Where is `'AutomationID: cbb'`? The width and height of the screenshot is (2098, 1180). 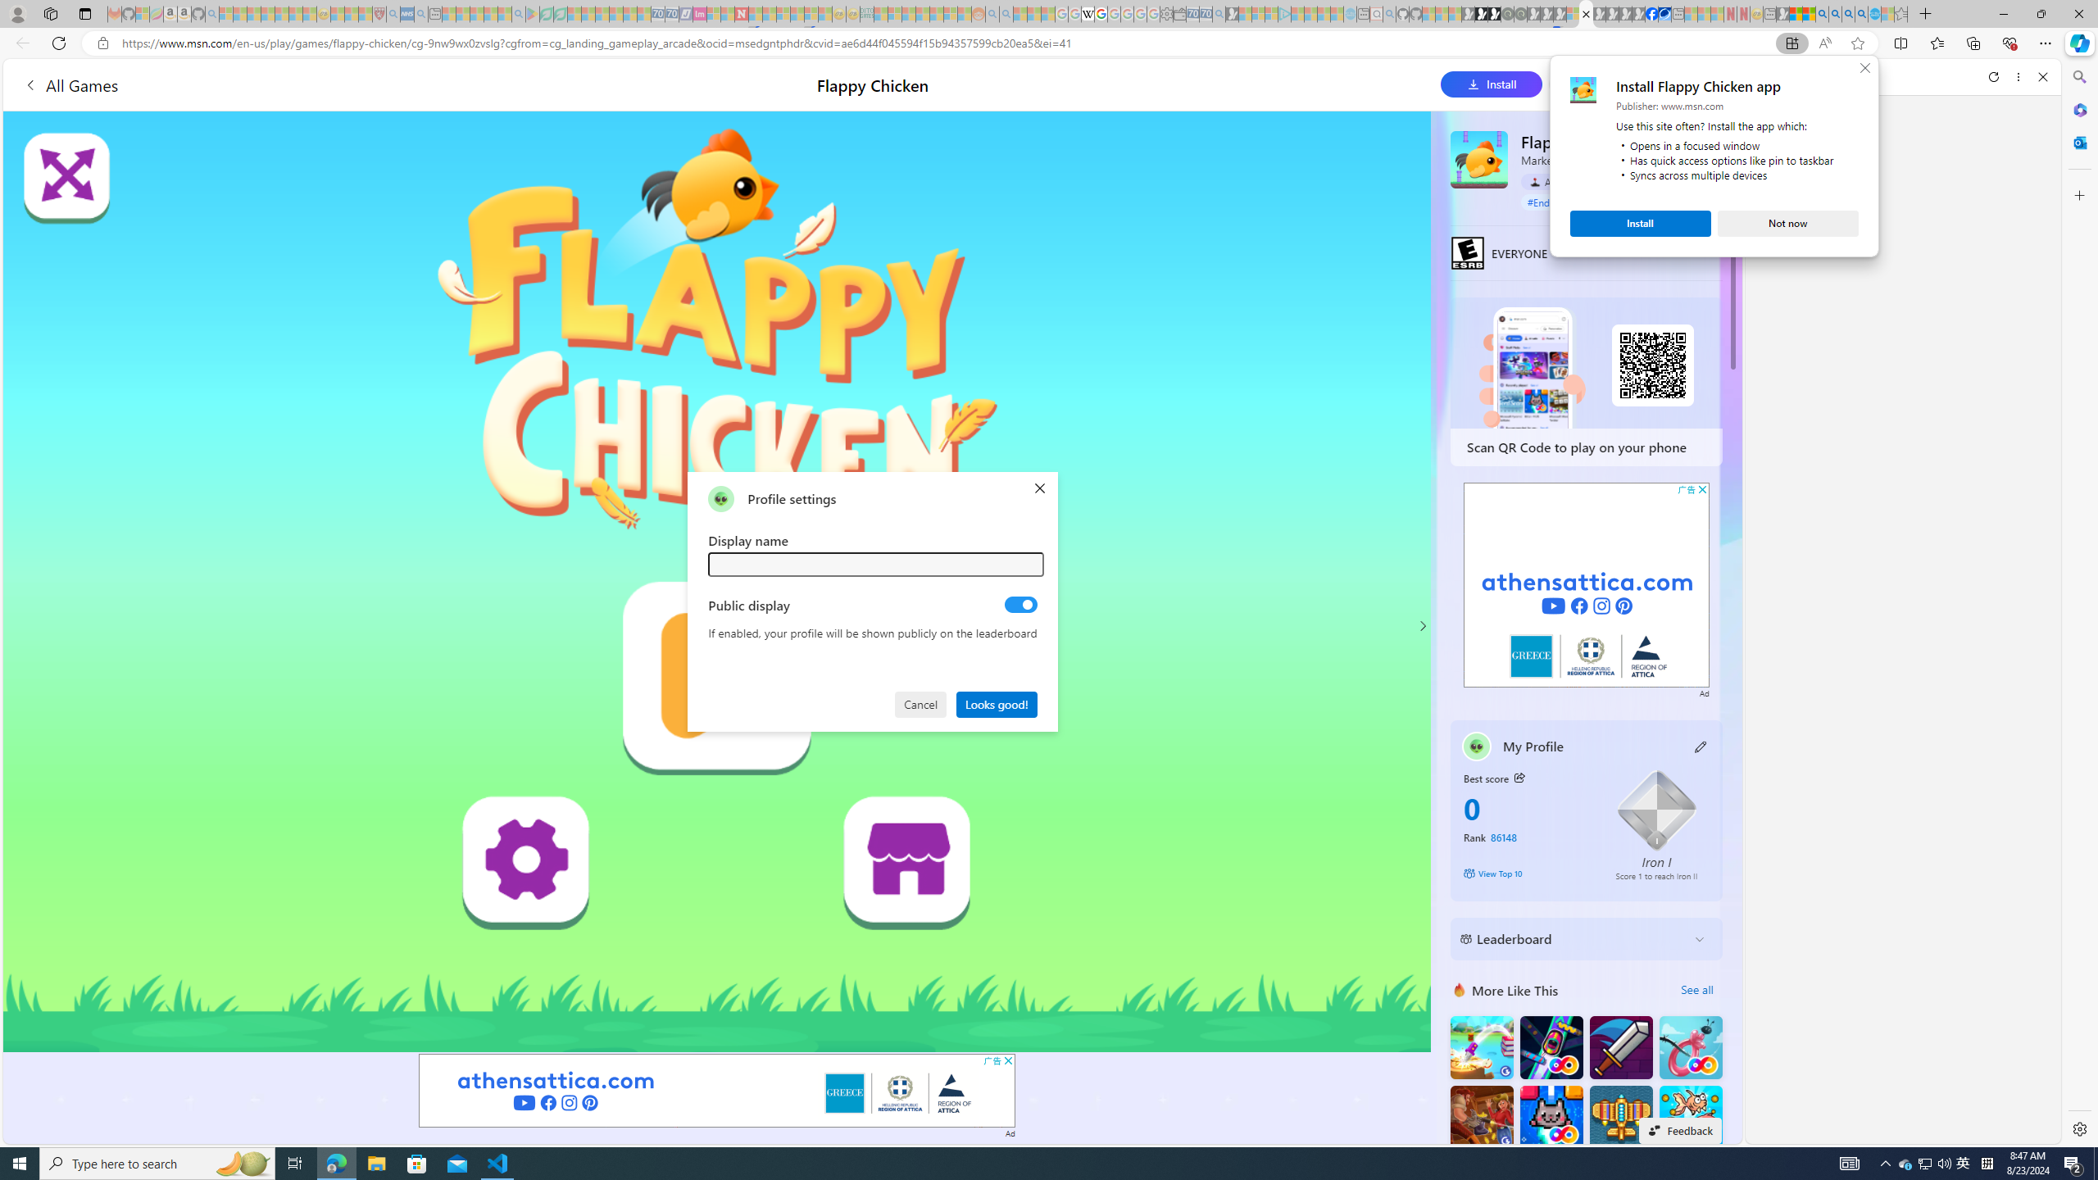 'AutomationID: cbb' is located at coordinates (1701, 489).